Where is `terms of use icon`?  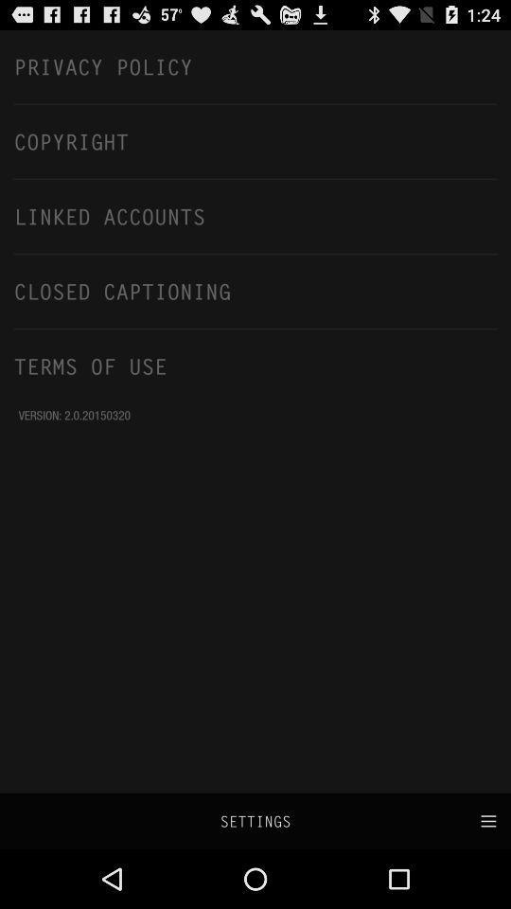
terms of use icon is located at coordinates (255, 365).